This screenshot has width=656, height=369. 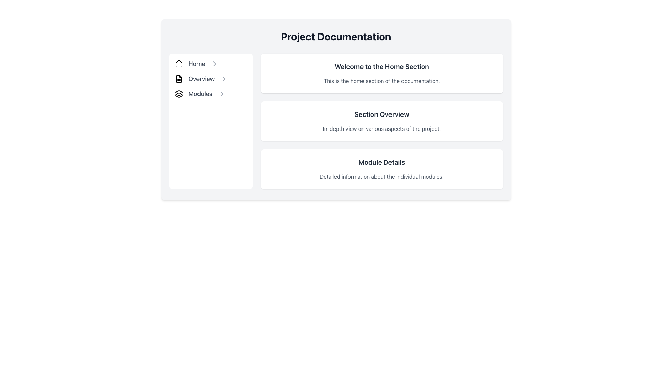 What do you see at coordinates (200, 94) in the screenshot?
I see `the 'Modules' interactive text link in the left sidebar` at bounding box center [200, 94].